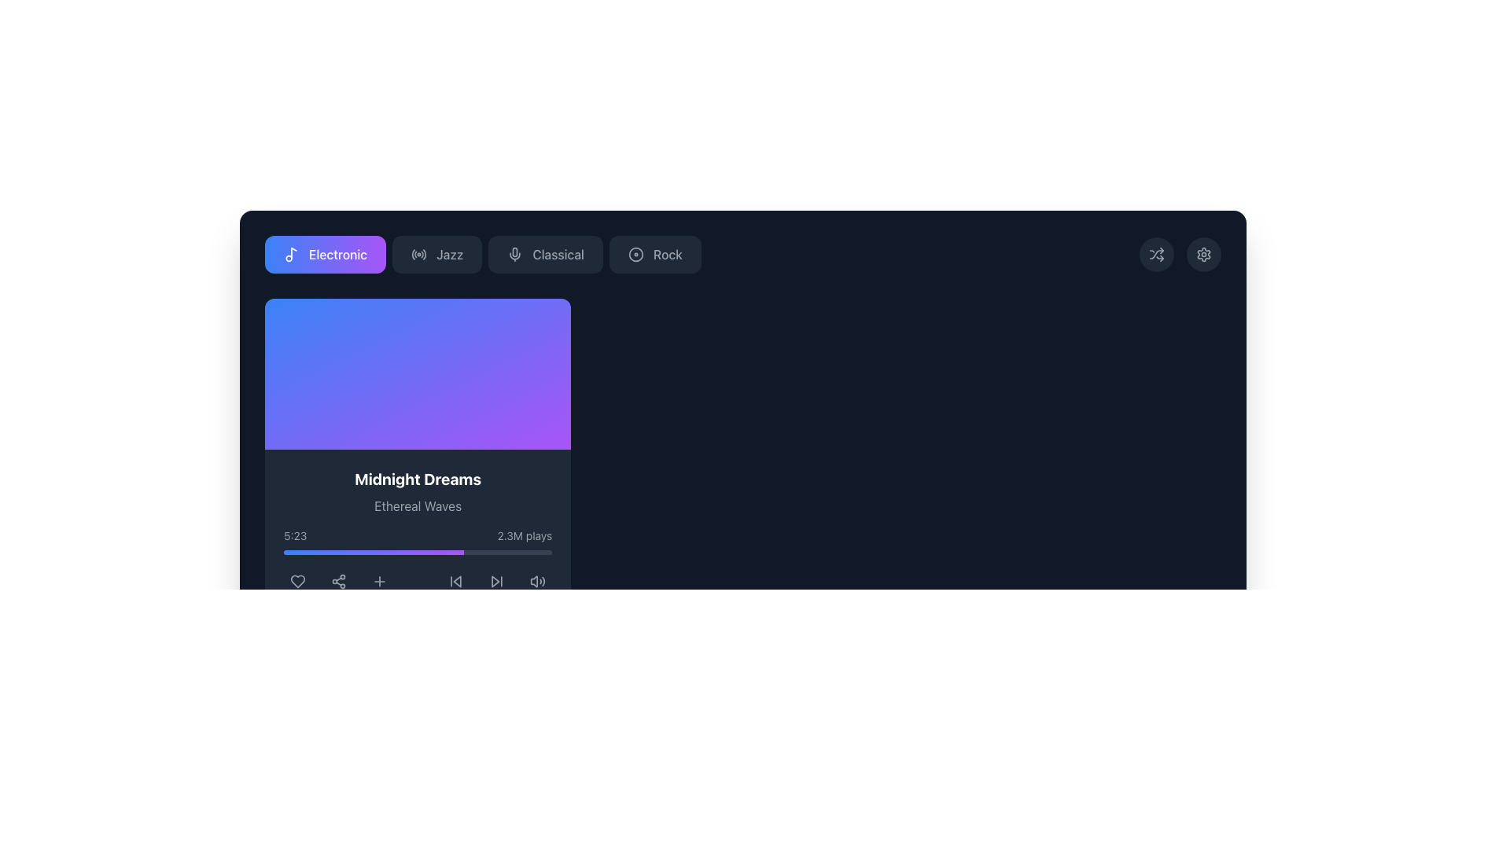 The width and height of the screenshot is (1510, 849). Describe the element at coordinates (298, 582) in the screenshot. I see `the 'like' button with an SVG icon inside, located at the bottom section of the music player interface, which is the first control in a row of playback options` at that location.